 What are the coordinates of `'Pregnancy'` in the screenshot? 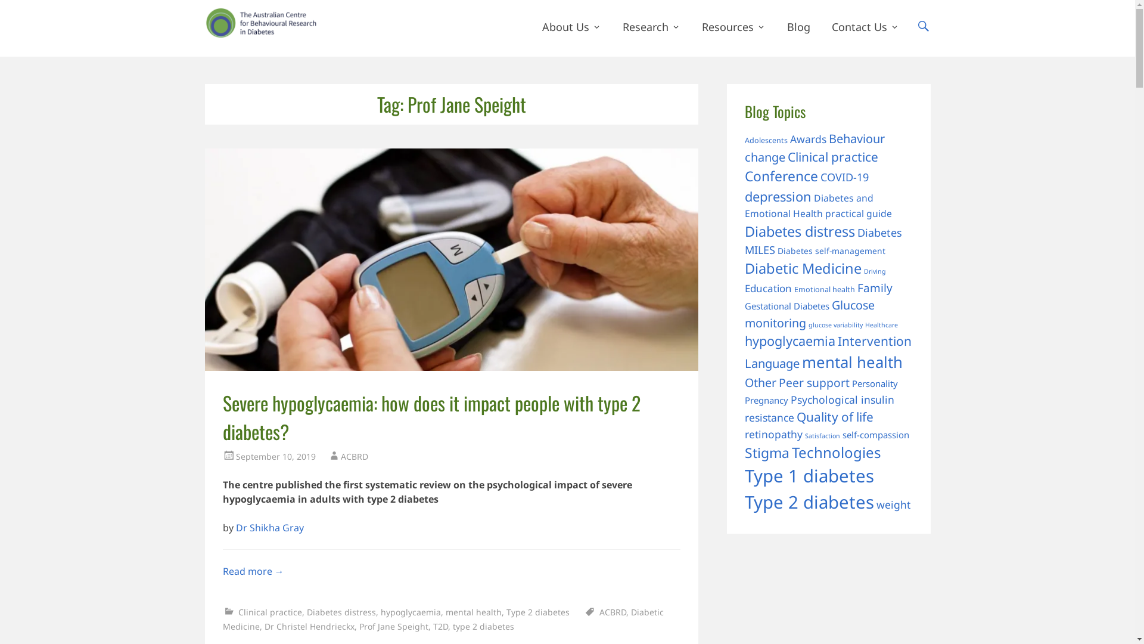 It's located at (766, 400).